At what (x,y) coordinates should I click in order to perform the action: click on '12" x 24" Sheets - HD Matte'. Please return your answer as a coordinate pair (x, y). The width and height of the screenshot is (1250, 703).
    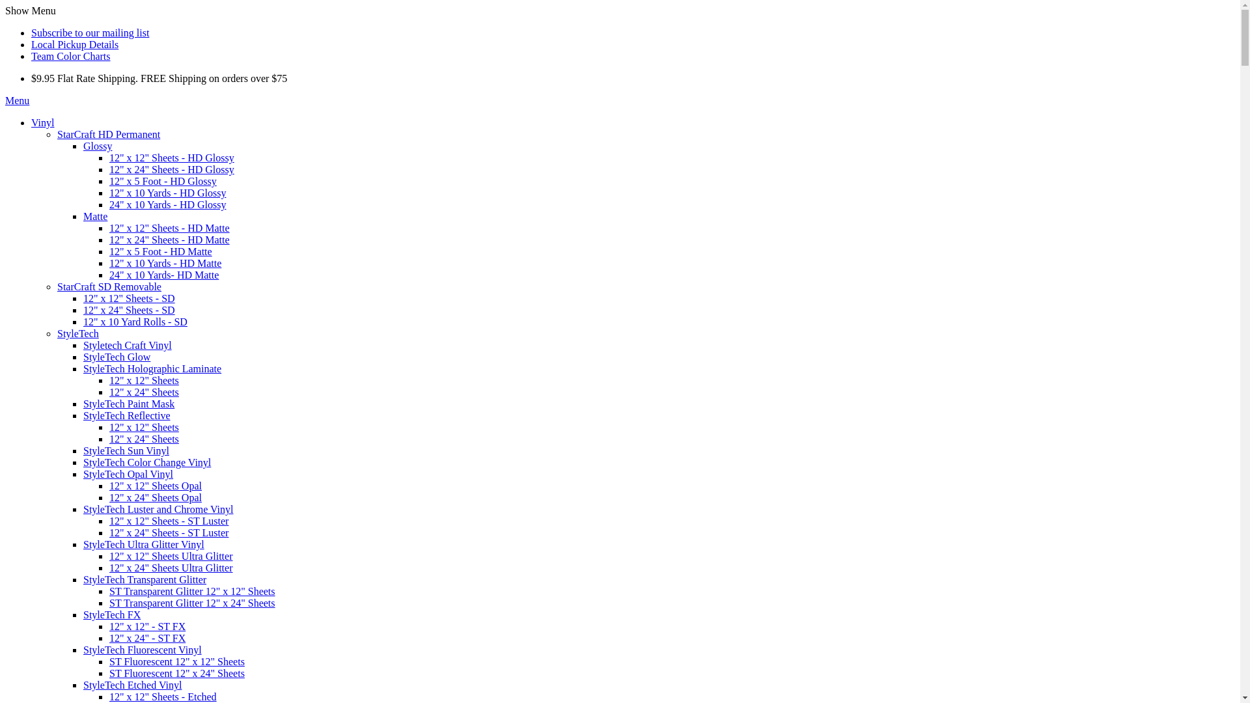
    Looking at the image, I should click on (169, 240).